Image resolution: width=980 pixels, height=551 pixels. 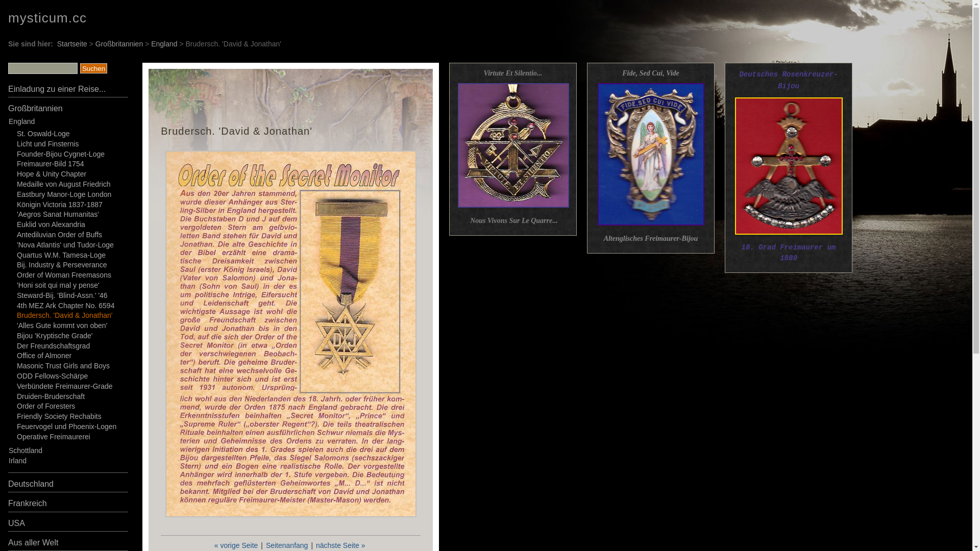 I want to click on 'Operative Freimaurerei', so click(x=53, y=436).